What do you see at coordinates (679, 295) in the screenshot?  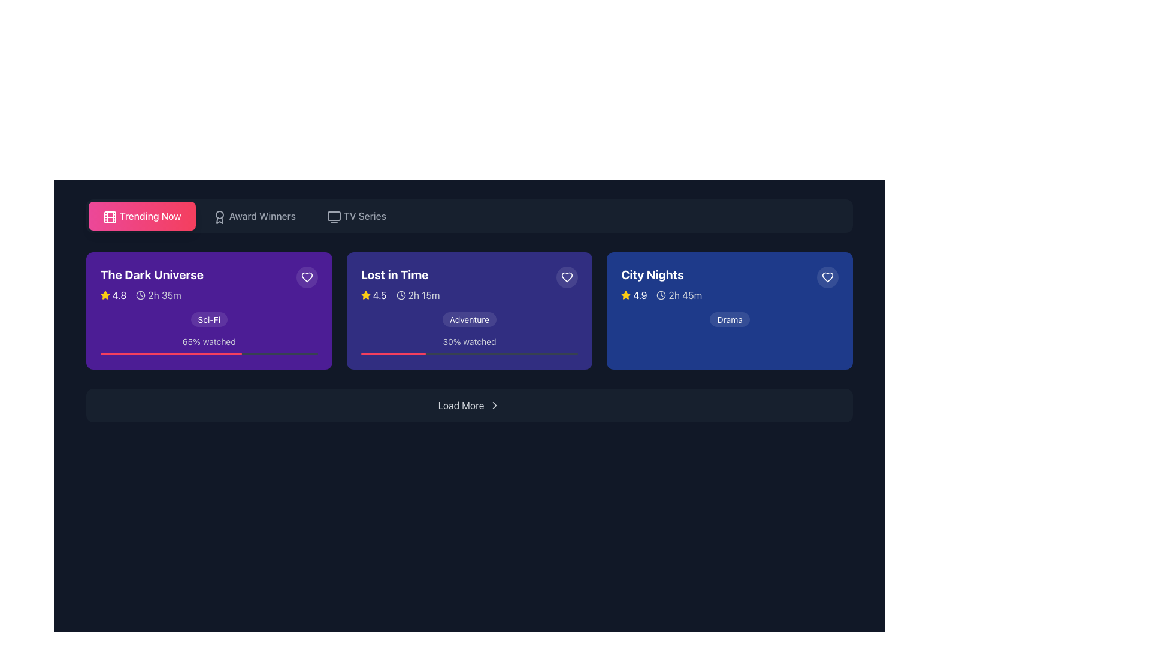 I see `the static text element that displays the duration of the movie or show, located at the top center of the rightmost card in a three-card grid layout, following a yellow star rating indicator` at bounding box center [679, 295].